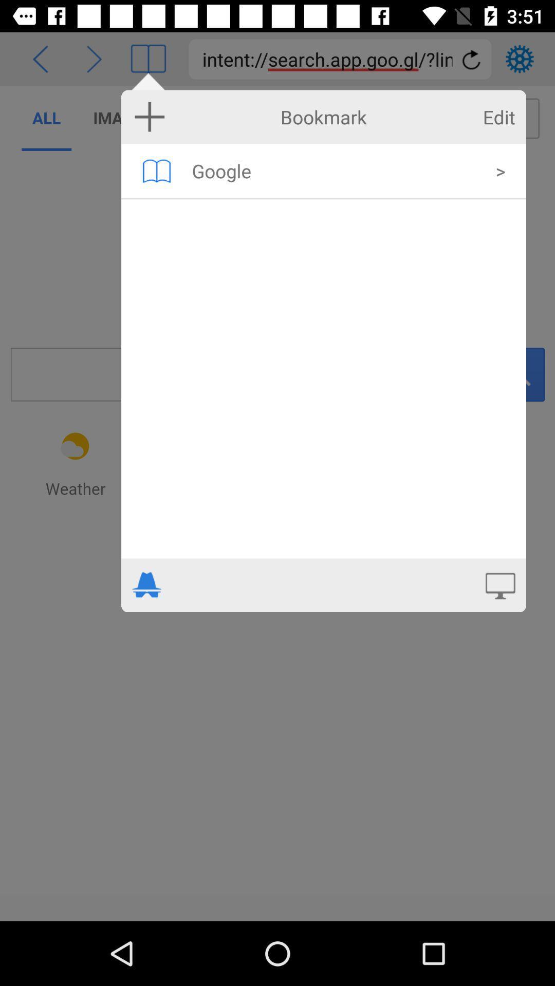  What do you see at coordinates (337, 170) in the screenshot?
I see `the google item` at bounding box center [337, 170].